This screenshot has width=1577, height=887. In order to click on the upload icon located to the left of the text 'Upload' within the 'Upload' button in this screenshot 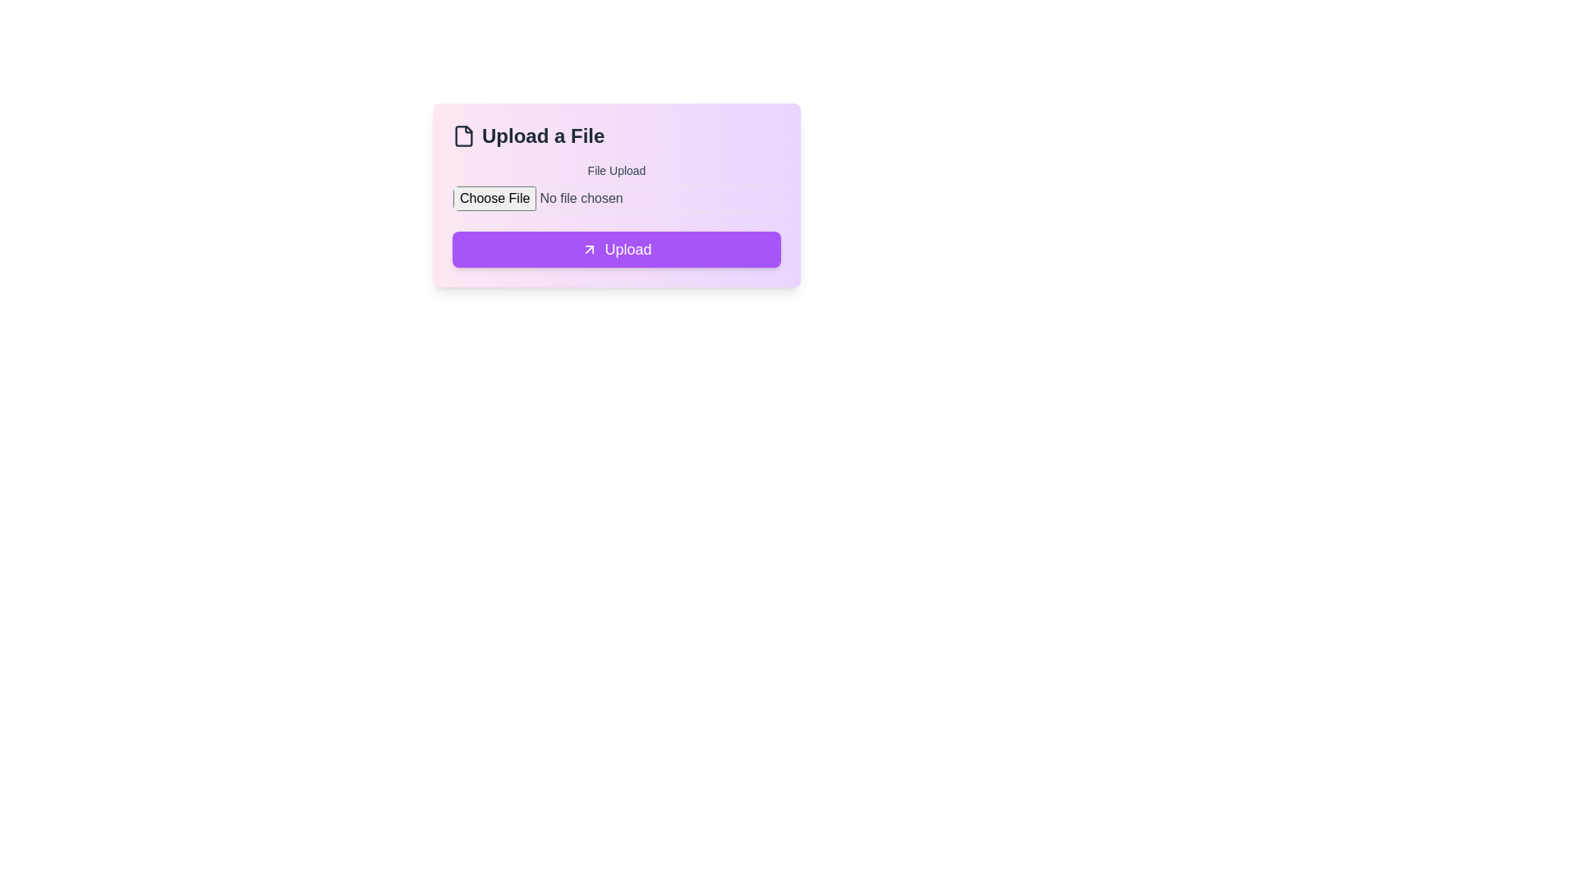, I will do `click(590, 250)`.